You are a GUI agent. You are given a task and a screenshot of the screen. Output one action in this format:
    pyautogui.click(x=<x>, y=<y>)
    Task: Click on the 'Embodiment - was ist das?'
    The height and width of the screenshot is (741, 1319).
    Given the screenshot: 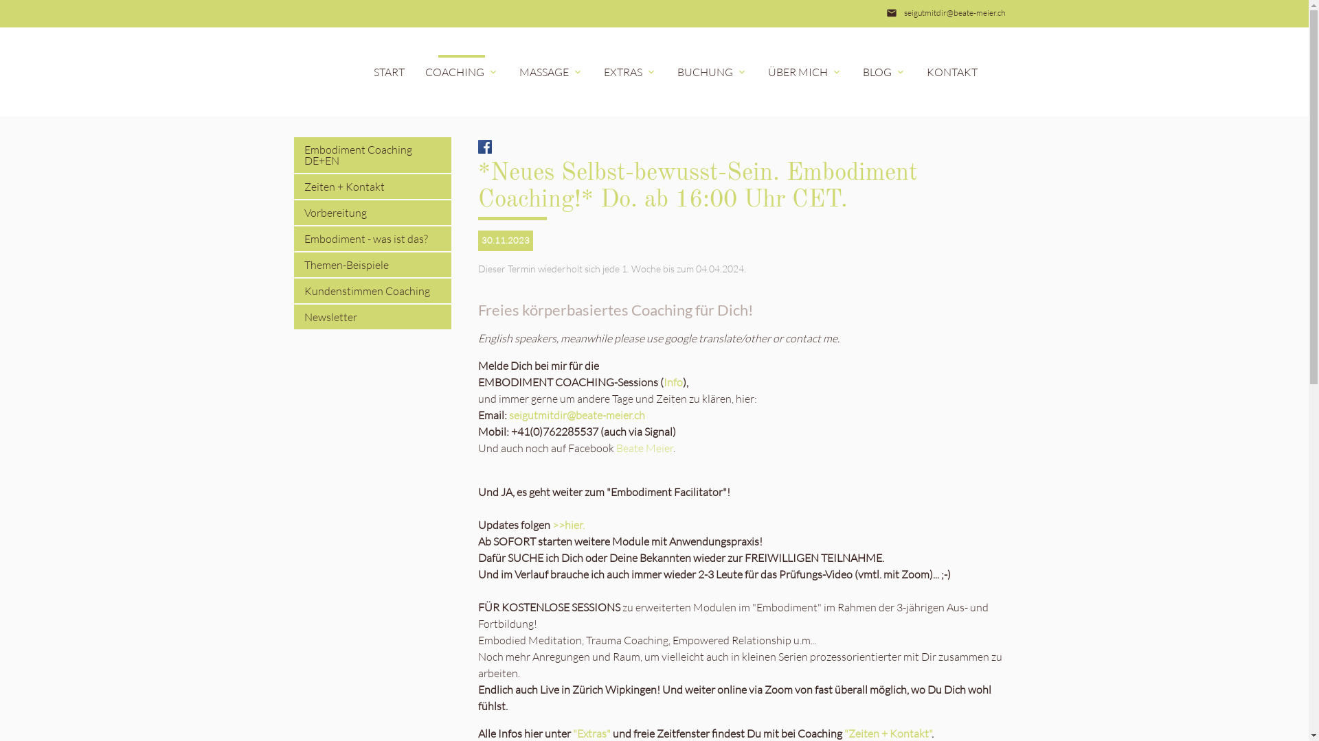 What is the action you would take?
    pyautogui.click(x=372, y=237)
    